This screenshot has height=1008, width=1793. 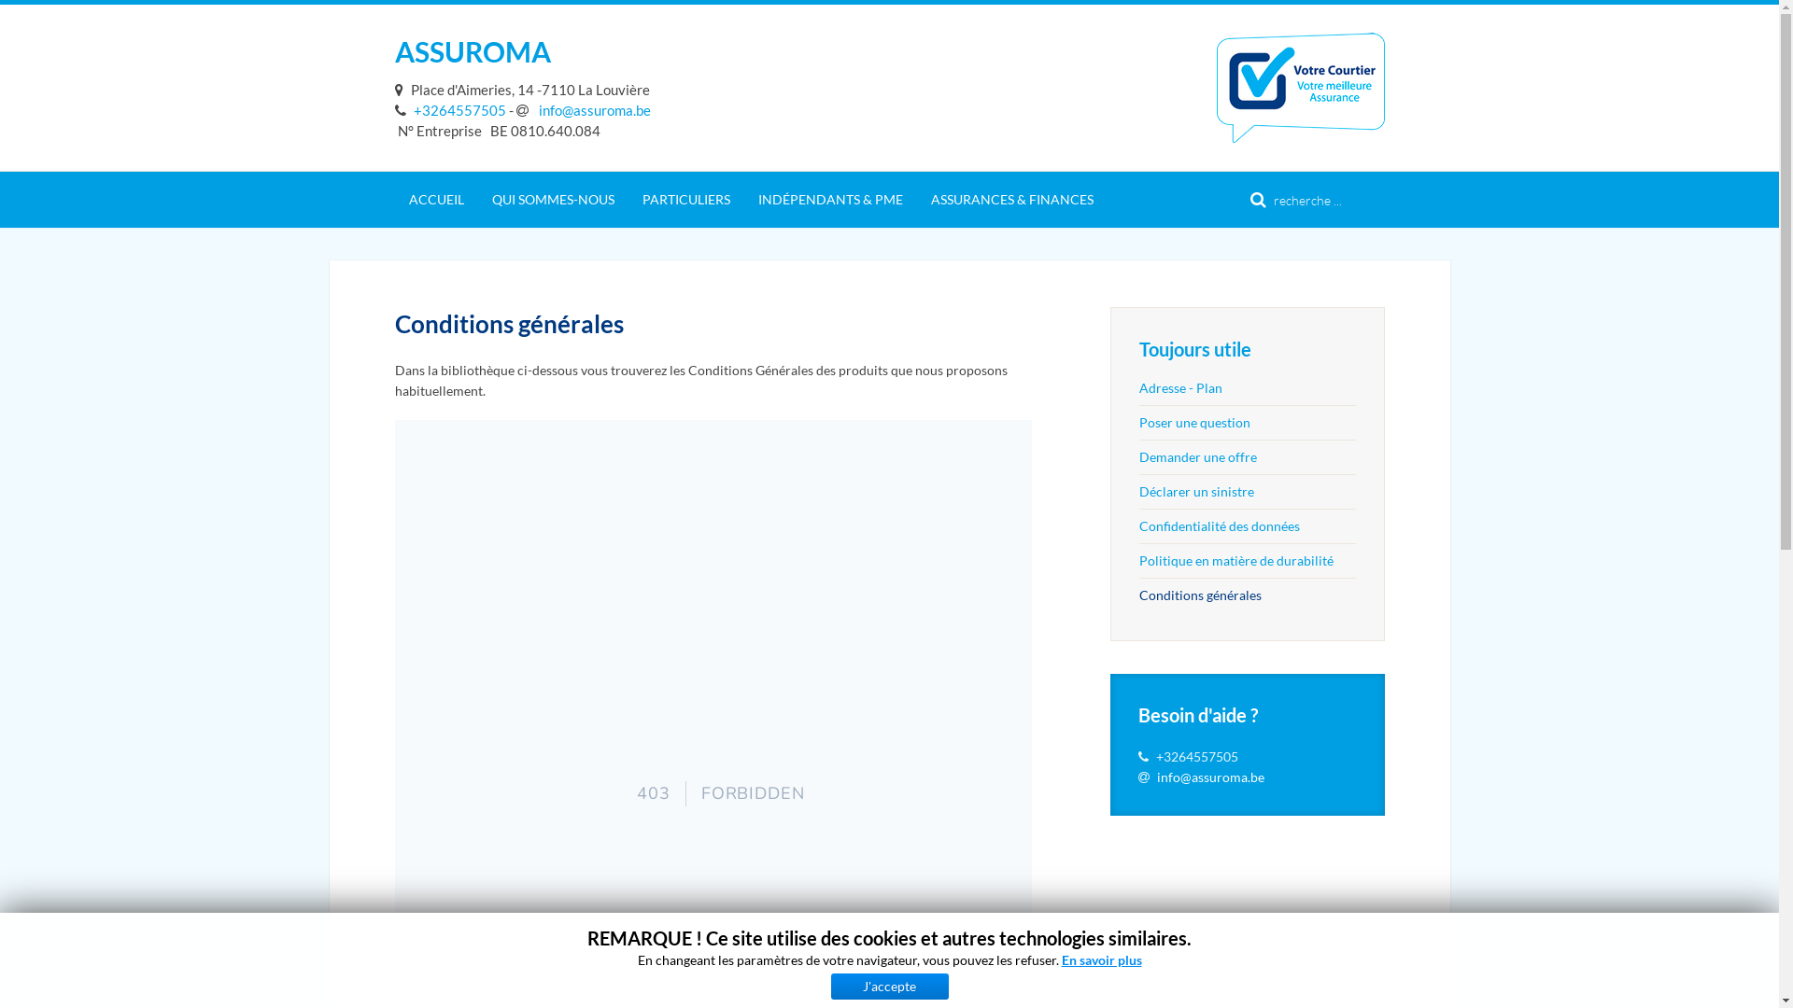 I want to click on 'Adresse - Plan', so click(x=1137, y=387).